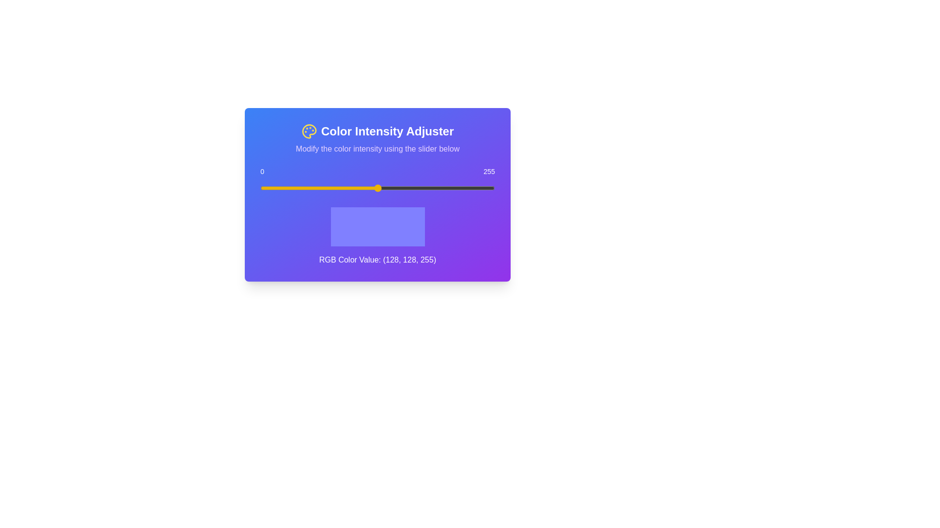 The image size is (940, 528). I want to click on the slider to set the value to 63, so click(318, 188).